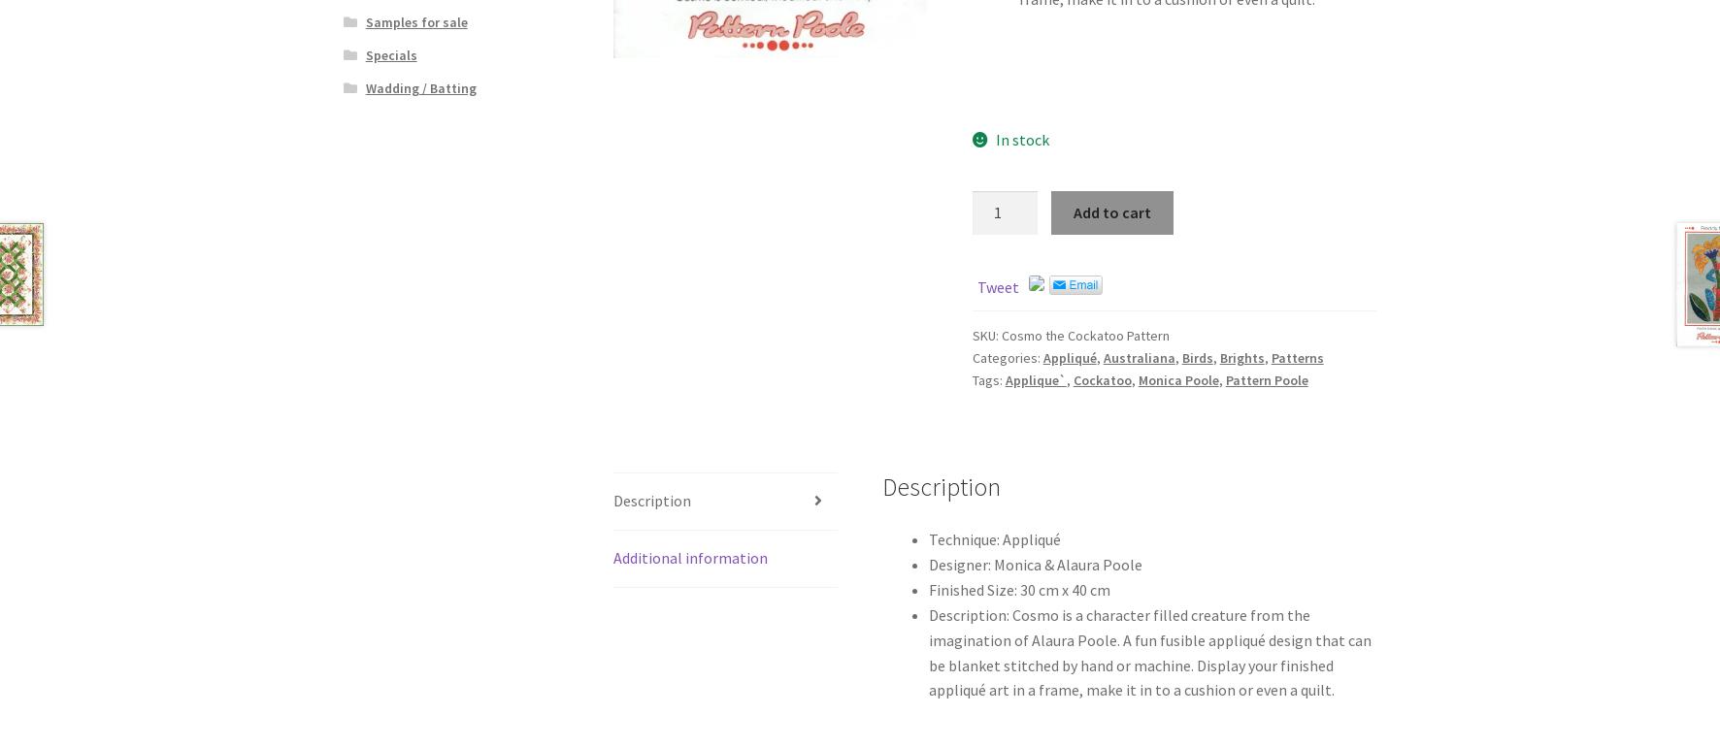  I want to click on 'Australiana', so click(1102, 355).